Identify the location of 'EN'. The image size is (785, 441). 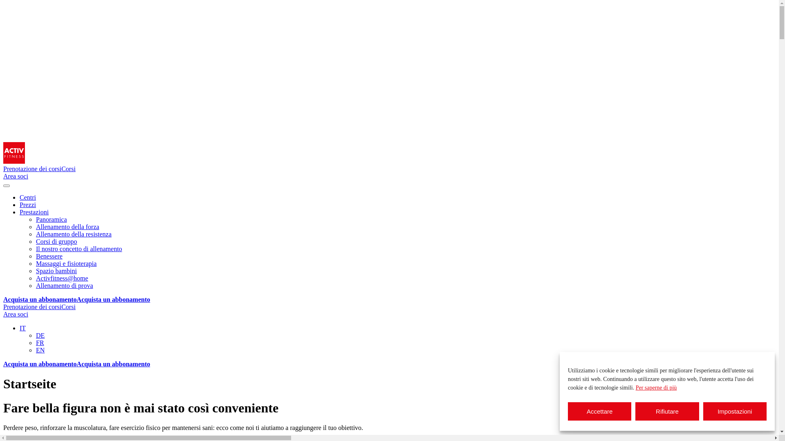
(40, 350).